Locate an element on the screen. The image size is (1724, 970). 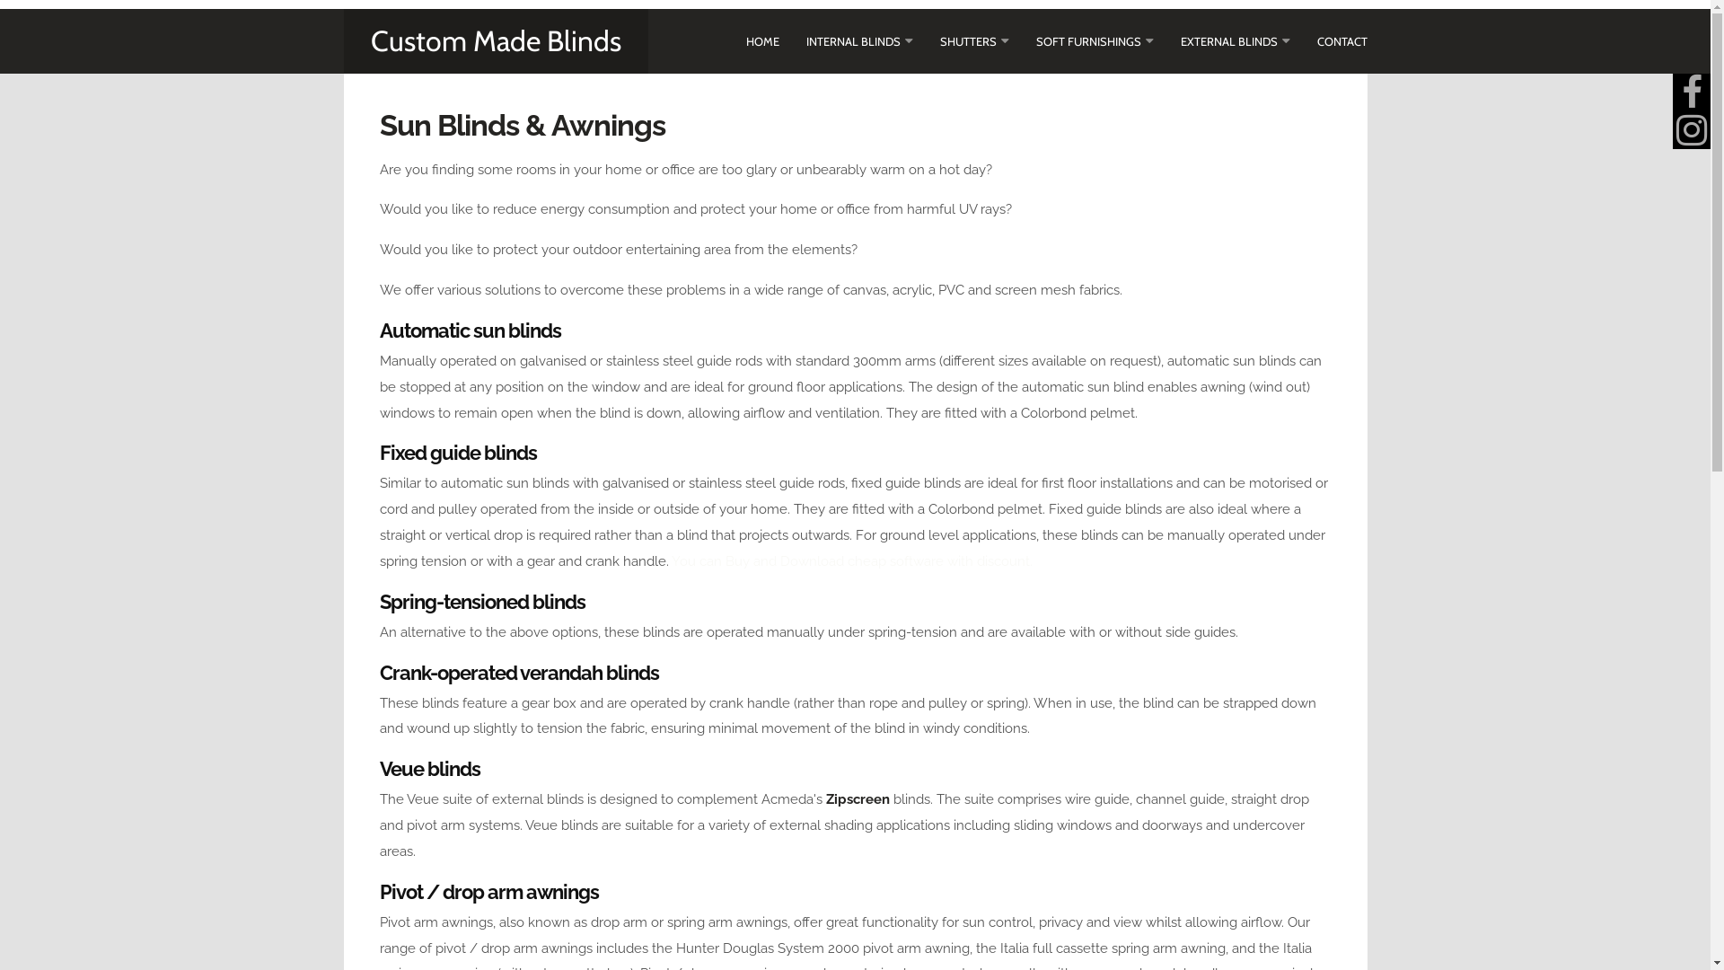
'SOFT FURNISHINGS' is located at coordinates (1035, 40).